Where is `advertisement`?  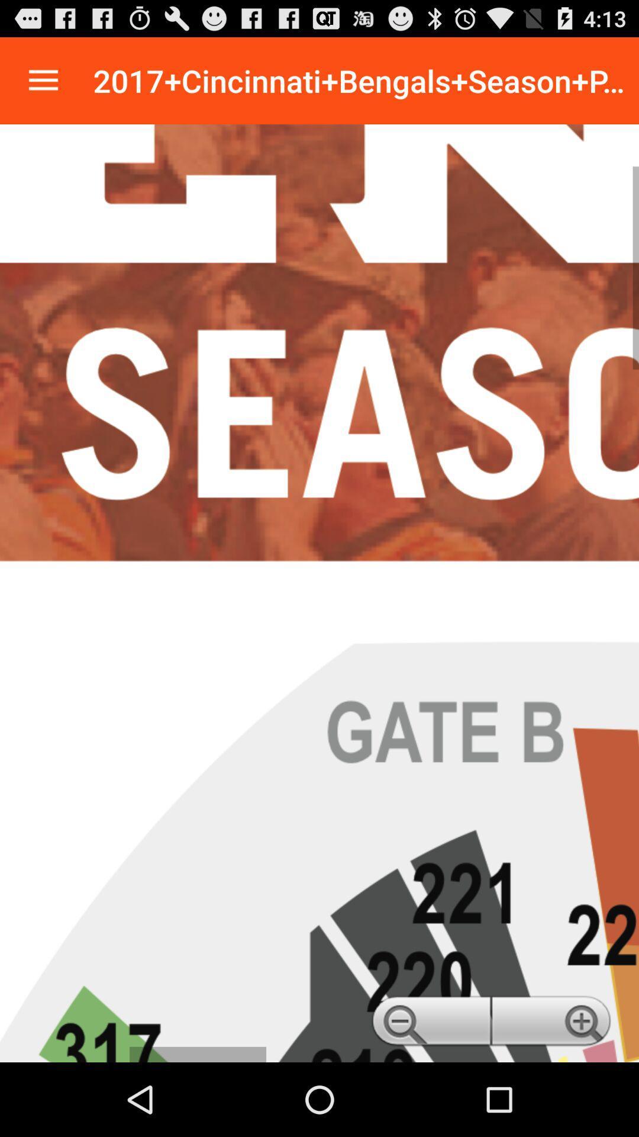
advertisement is located at coordinates (319, 593).